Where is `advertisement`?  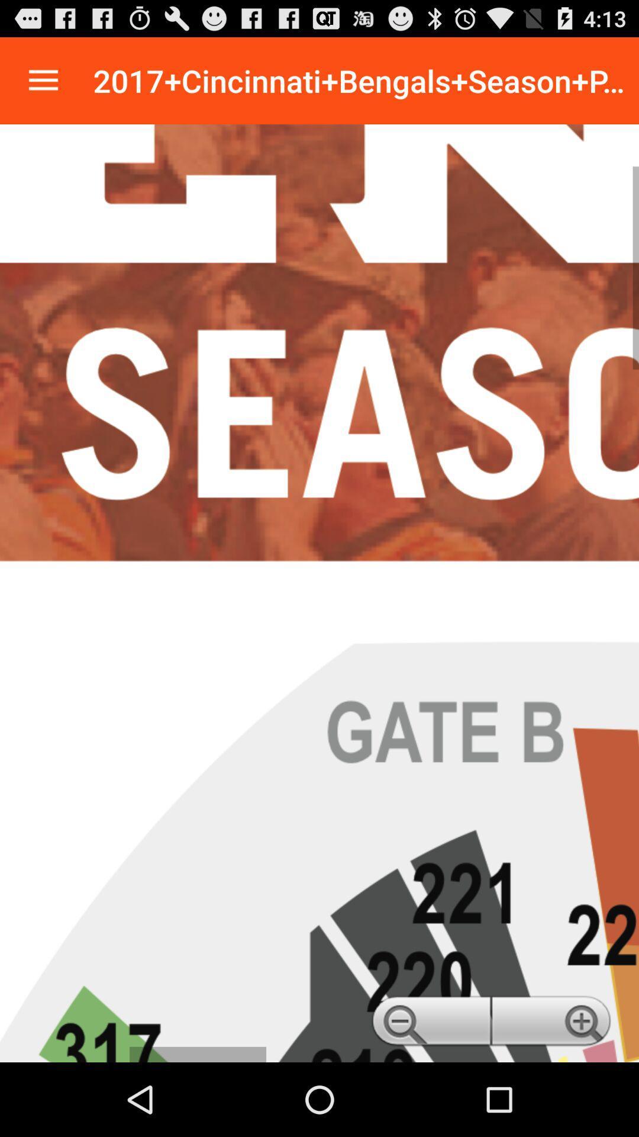
advertisement is located at coordinates (319, 593).